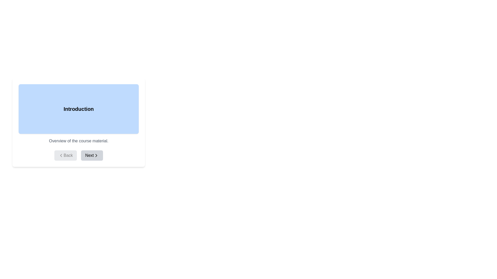 Image resolution: width=497 pixels, height=279 pixels. Describe the element at coordinates (96, 155) in the screenshot. I see `the chevron icon inside the 'Next' button located at the bottom-right of the card layout` at that location.